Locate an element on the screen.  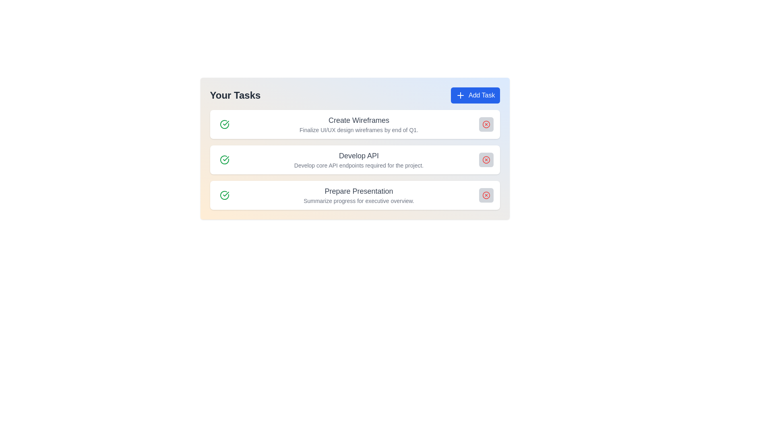
the green check mark icon within the circular boundary, which is part of the task entry labeled 'Develop API' is located at coordinates (225, 123).